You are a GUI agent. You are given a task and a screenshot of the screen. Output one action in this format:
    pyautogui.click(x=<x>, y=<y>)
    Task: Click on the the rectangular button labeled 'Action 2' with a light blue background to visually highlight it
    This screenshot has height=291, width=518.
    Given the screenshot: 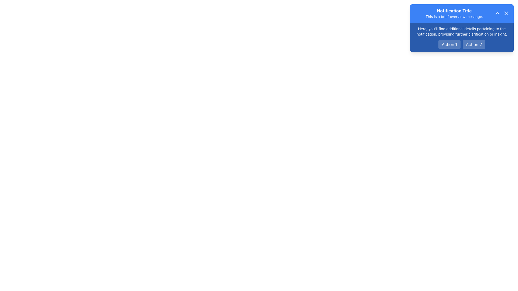 What is the action you would take?
    pyautogui.click(x=473, y=44)
    